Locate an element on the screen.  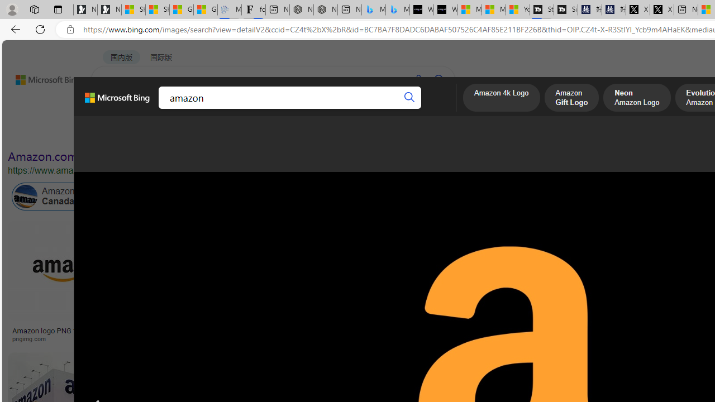
'MAPS' is located at coordinates (390, 109).